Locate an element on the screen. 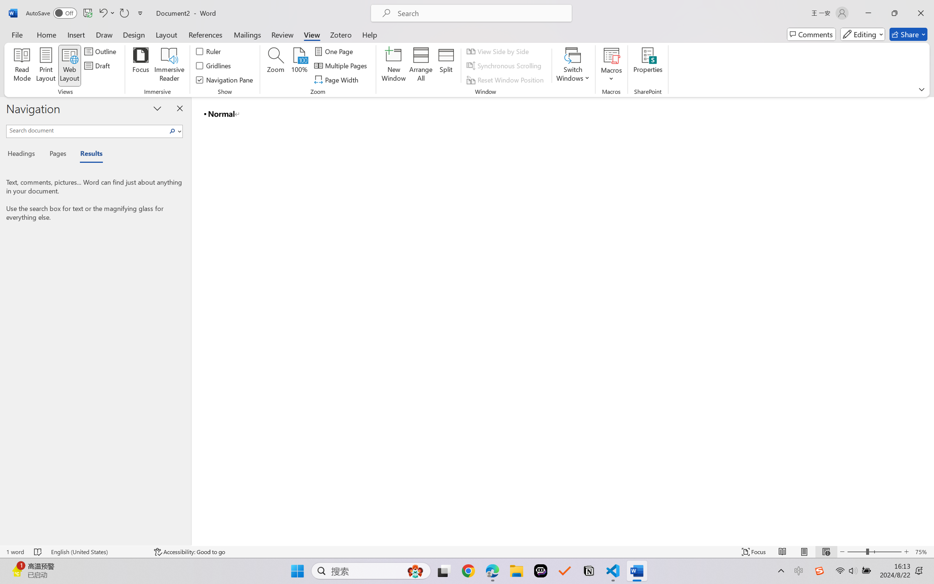 This screenshot has width=934, height=584. 'Arrange All' is located at coordinates (420, 66).